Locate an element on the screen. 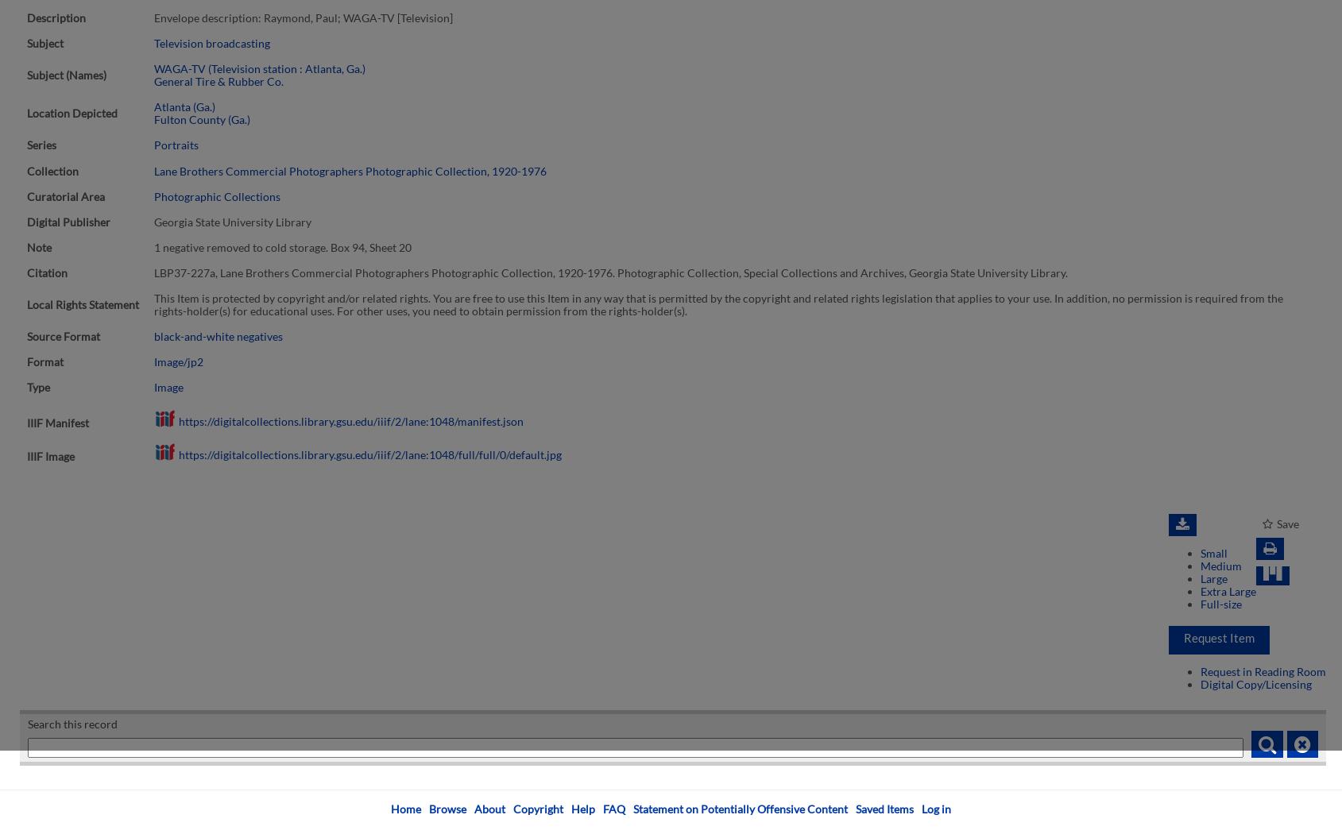 The height and width of the screenshot is (838, 1342). 'Local Rights Statement' is located at coordinates (83, 304).